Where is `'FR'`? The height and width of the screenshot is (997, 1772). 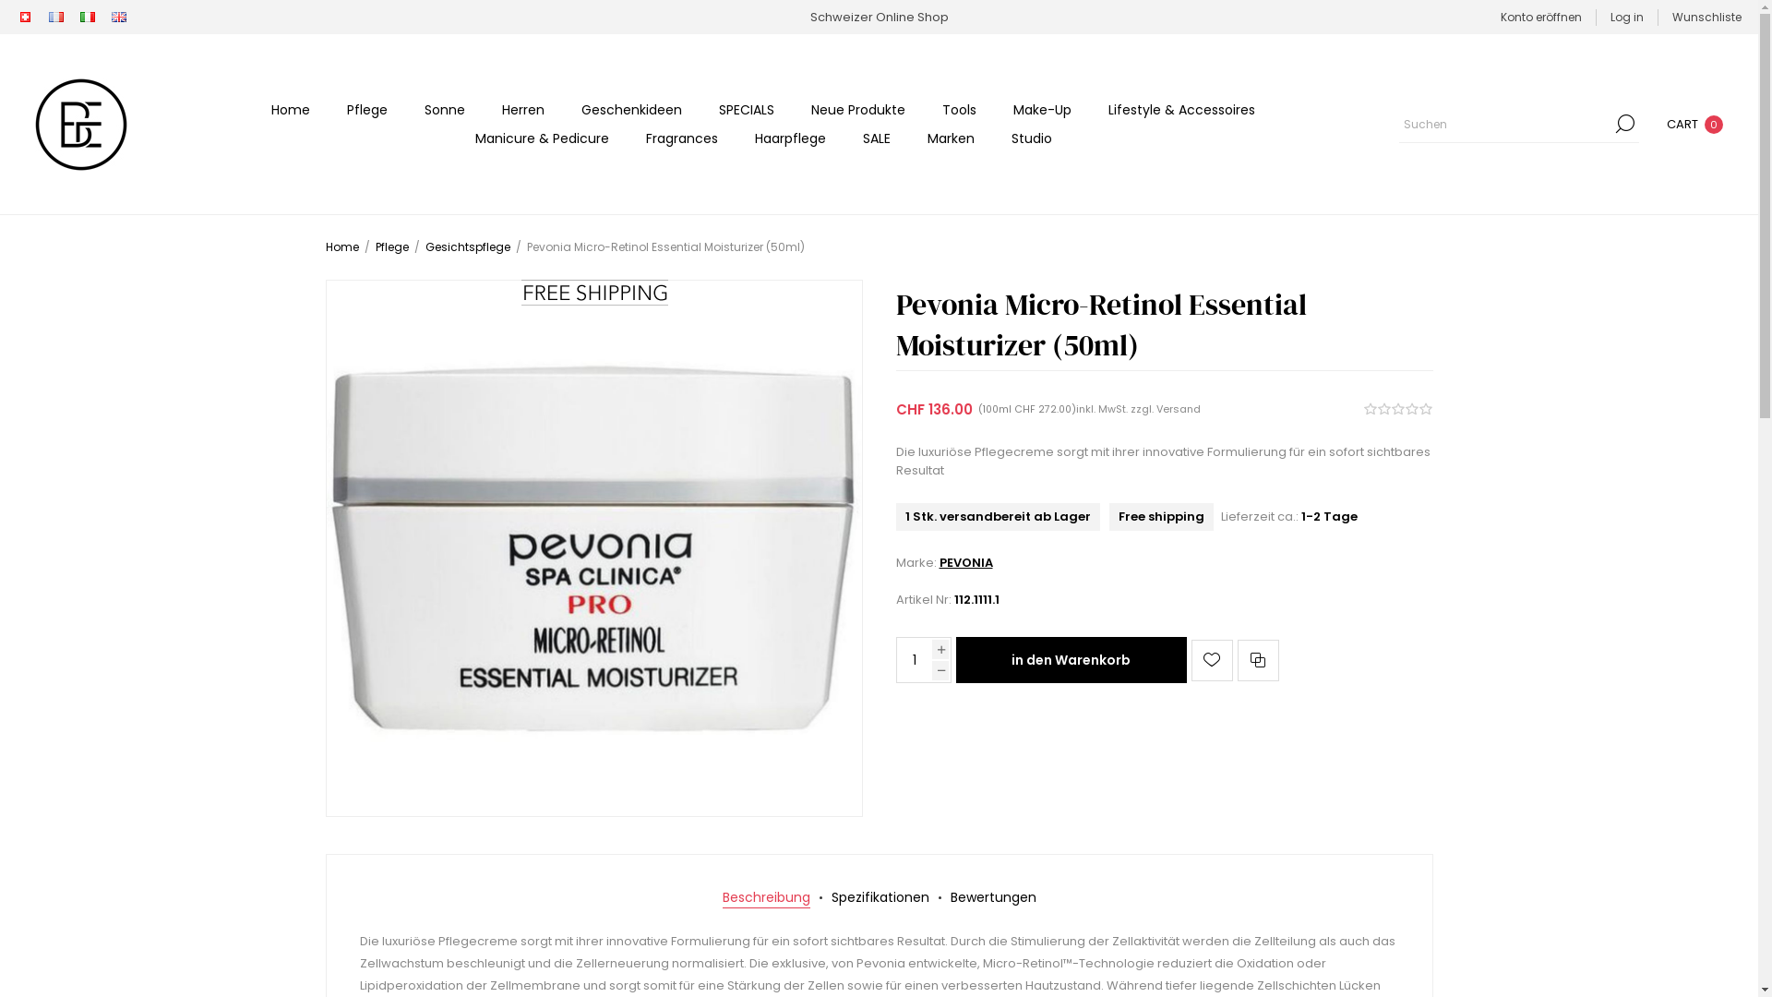
'FR' is located at coordinates (56, 17).